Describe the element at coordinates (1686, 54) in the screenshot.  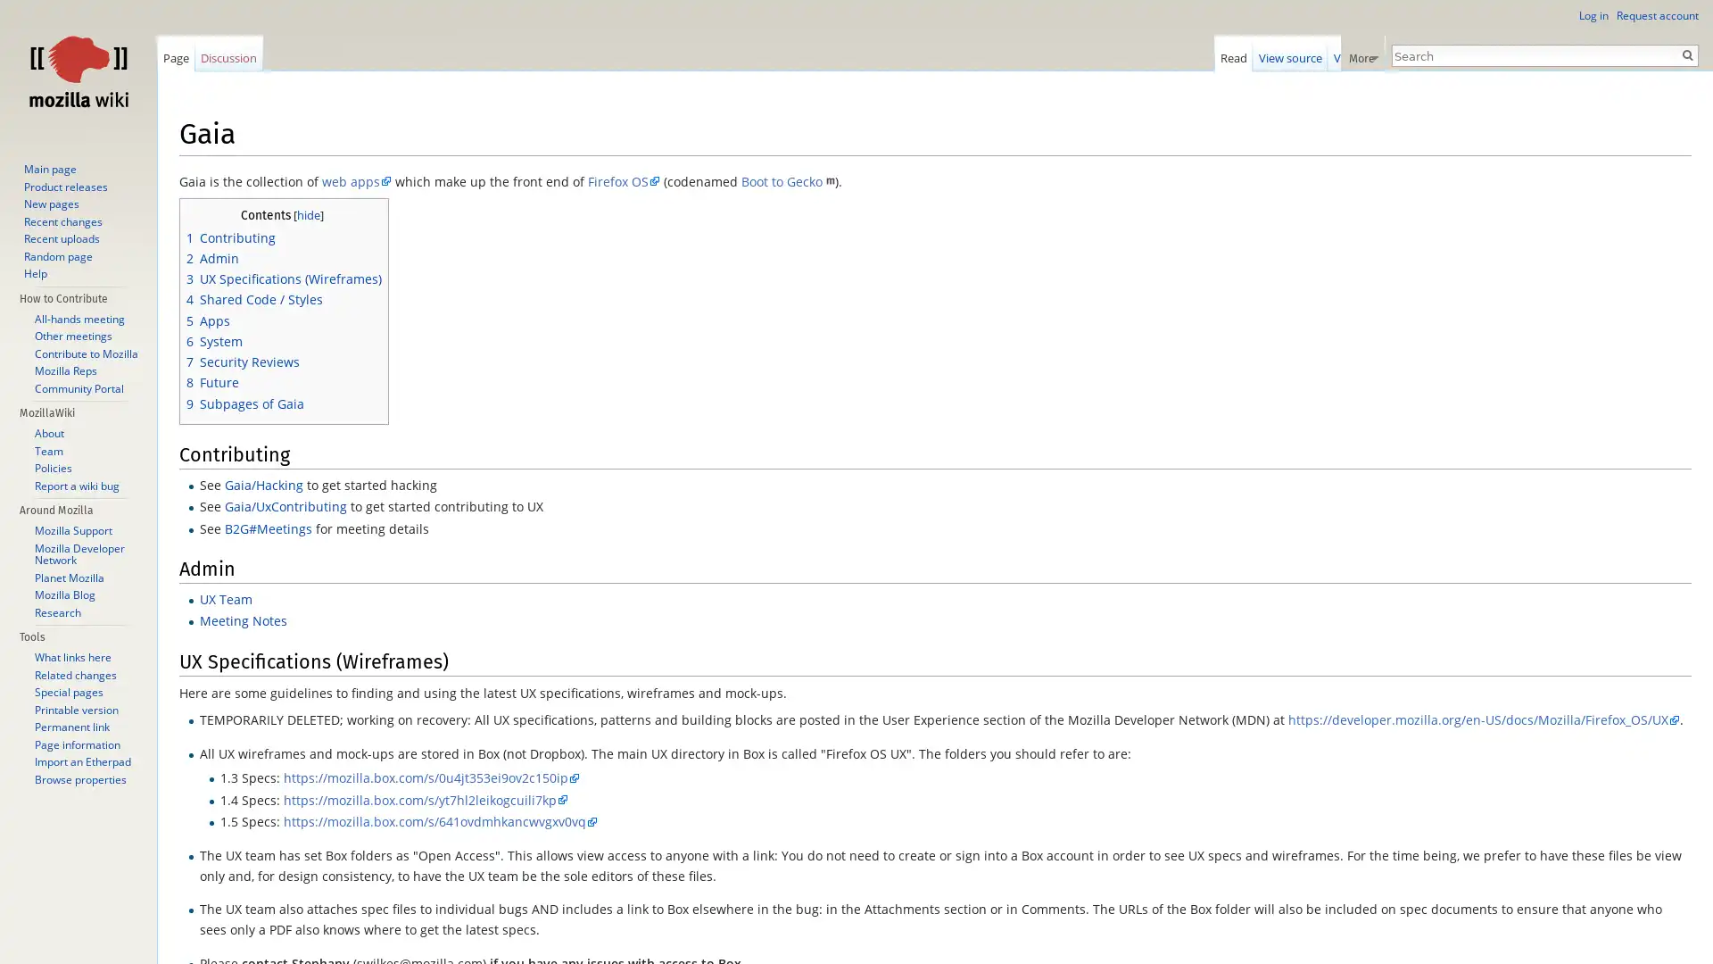
I see `Go` at that location.